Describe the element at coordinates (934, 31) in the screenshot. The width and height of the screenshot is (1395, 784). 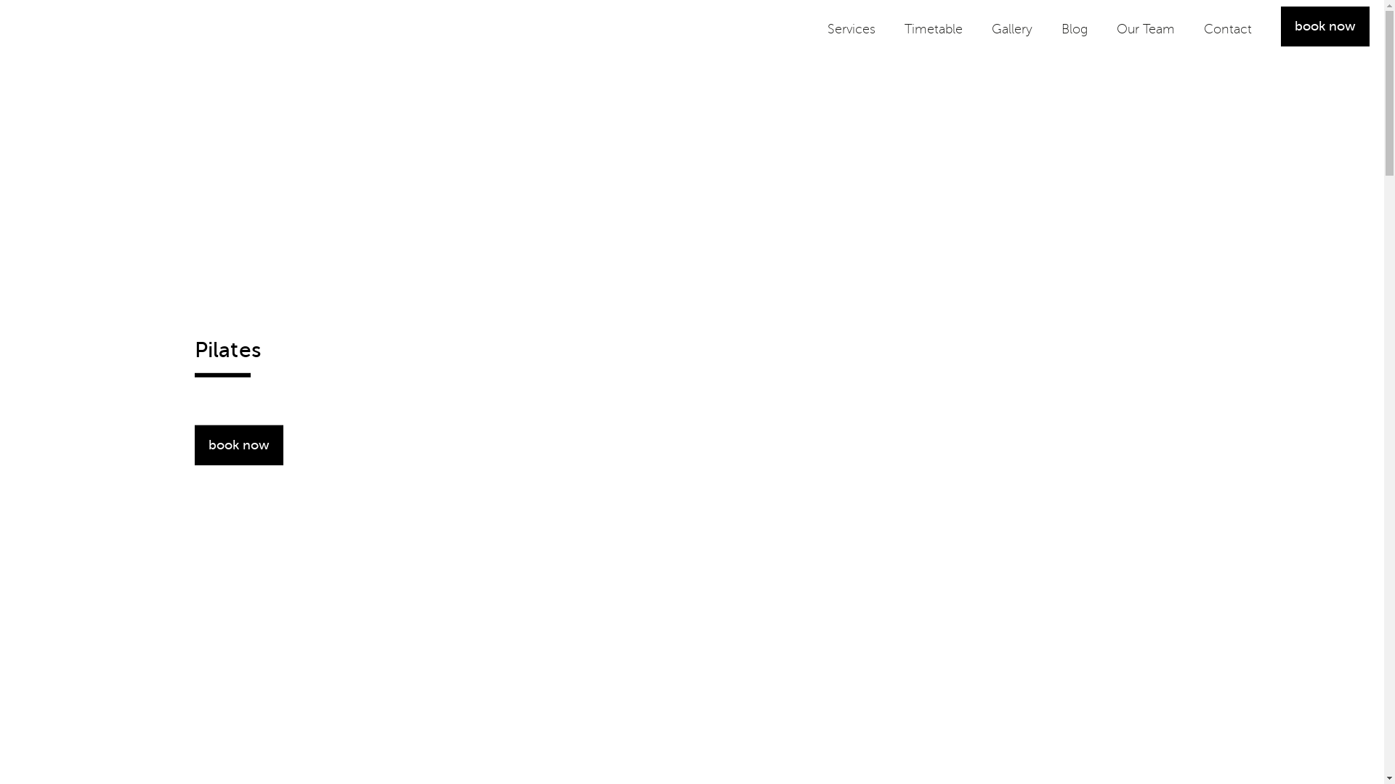
I see `'Timetable'` at that location.